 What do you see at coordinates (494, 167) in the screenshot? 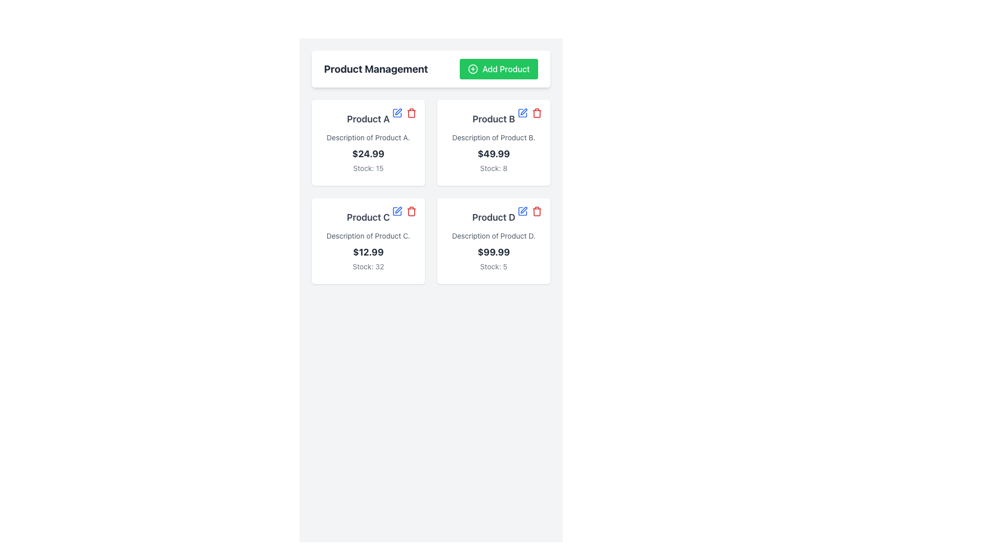
I see `text content from the stock quantity label located at the bottom of the 'Product B' card, which provides inventory information` at bounding box center [494, 167].